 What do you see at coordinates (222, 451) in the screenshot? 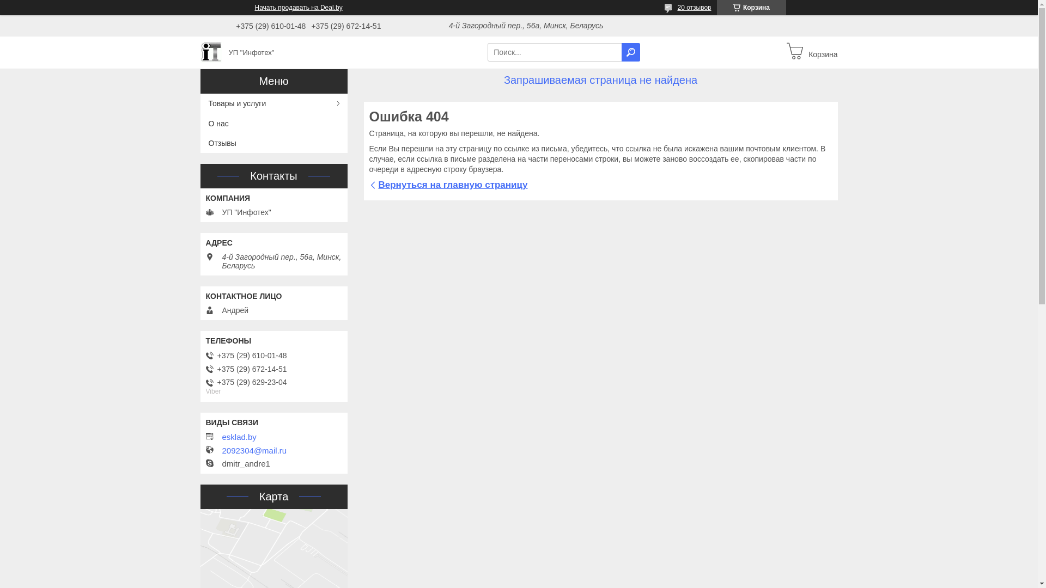
I see `'2092304@mail.ru'` at bounding box center [222, 451].